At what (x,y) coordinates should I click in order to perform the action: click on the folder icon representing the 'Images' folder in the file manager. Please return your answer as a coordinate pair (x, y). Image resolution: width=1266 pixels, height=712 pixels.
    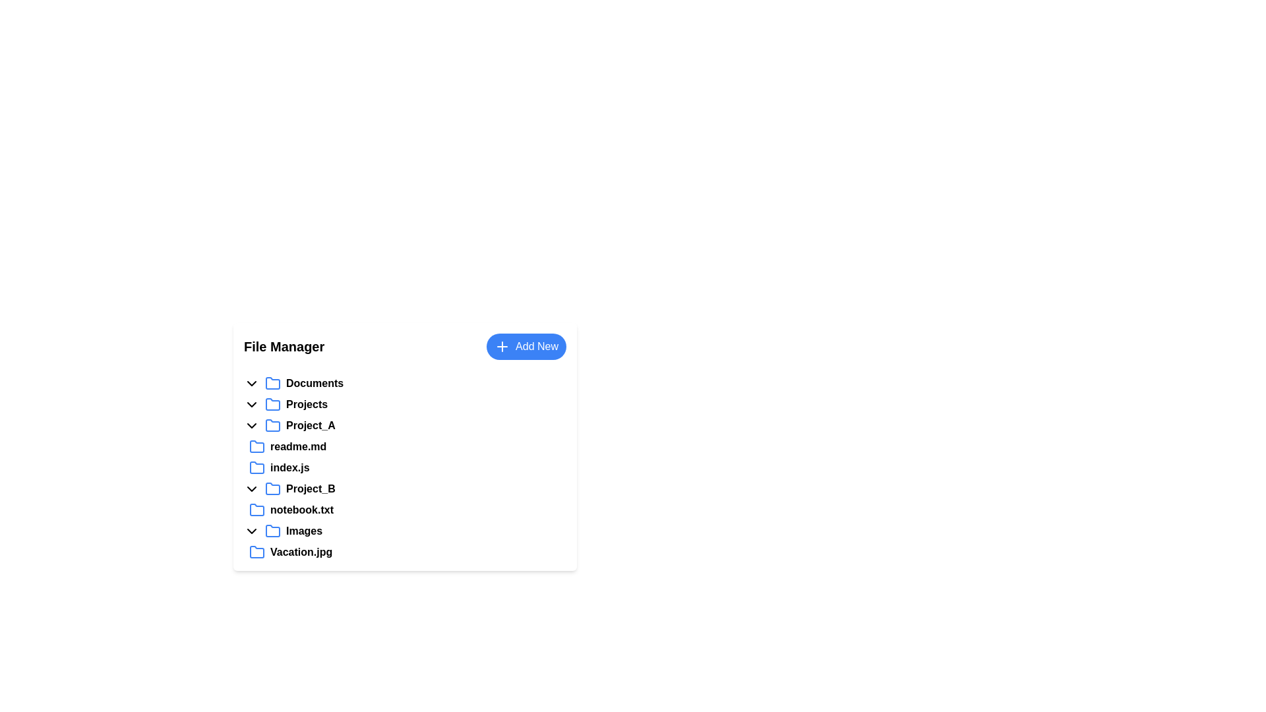
    Looking at the image, I should click on (272, 530).